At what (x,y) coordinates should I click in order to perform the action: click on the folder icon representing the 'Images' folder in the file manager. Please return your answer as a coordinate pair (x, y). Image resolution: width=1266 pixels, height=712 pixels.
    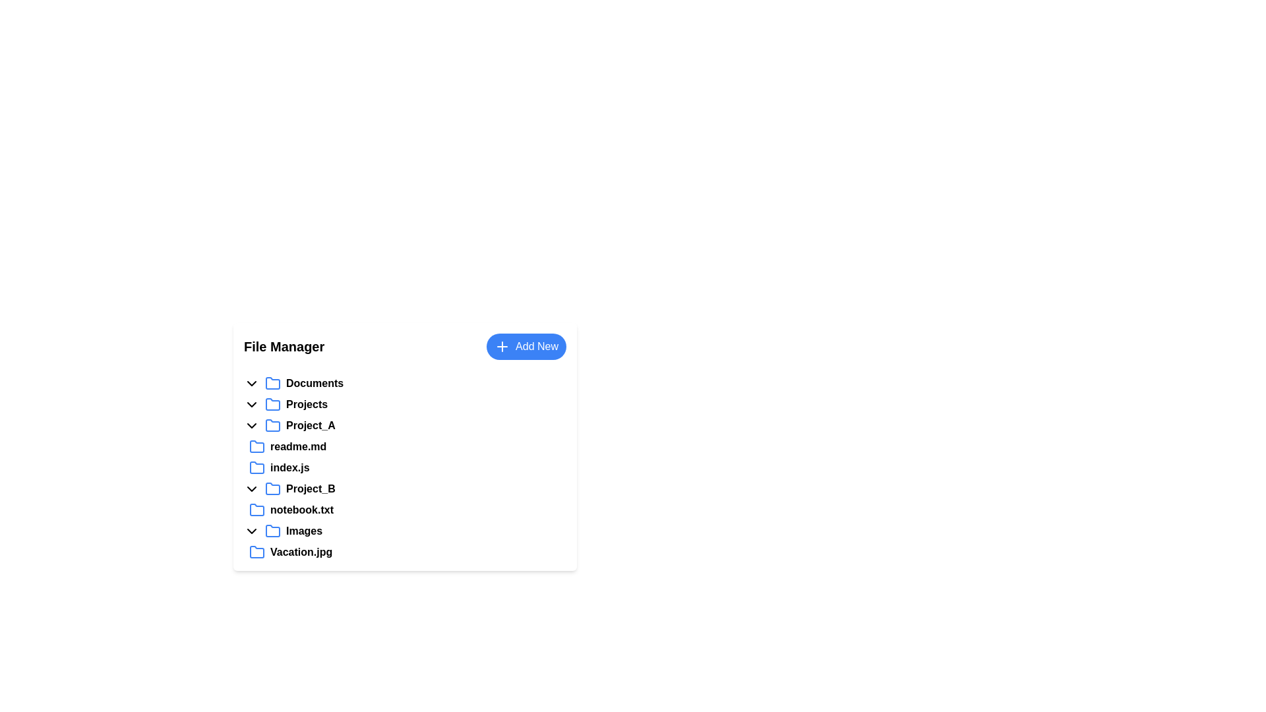
    Looking at the image, I should click on (272, 530).